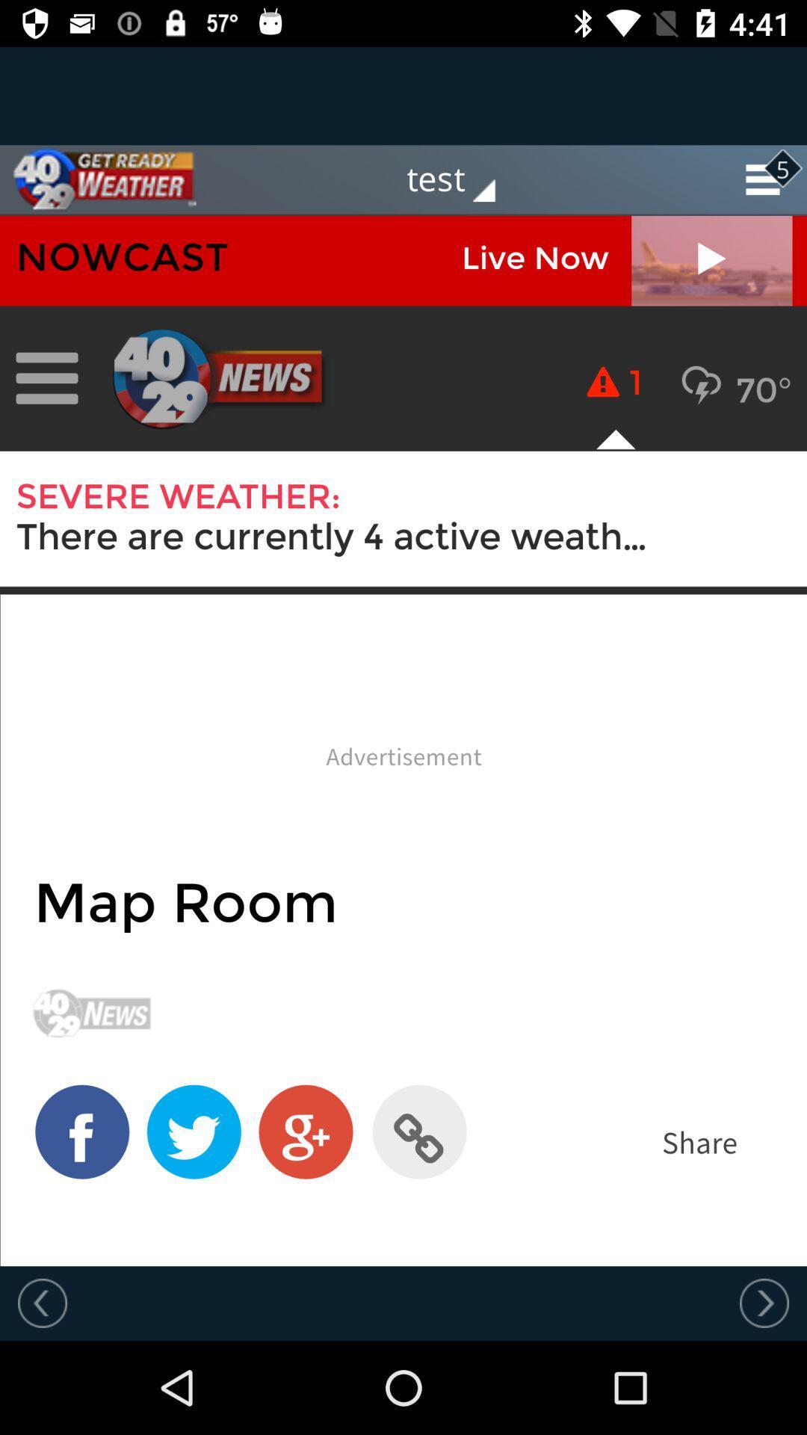 Image resolution: width=807 pixels, height=1435 pixels. What do you see at coordinates (403, 741) in the screenshot?
I see `article text box` at bounding box center [403, 741].